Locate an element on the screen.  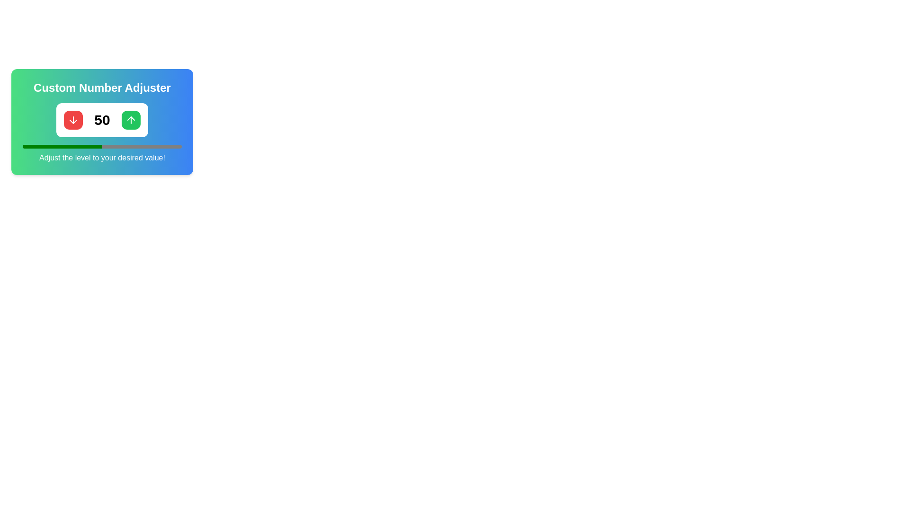
the slider value is located at coordinates (67, 146).